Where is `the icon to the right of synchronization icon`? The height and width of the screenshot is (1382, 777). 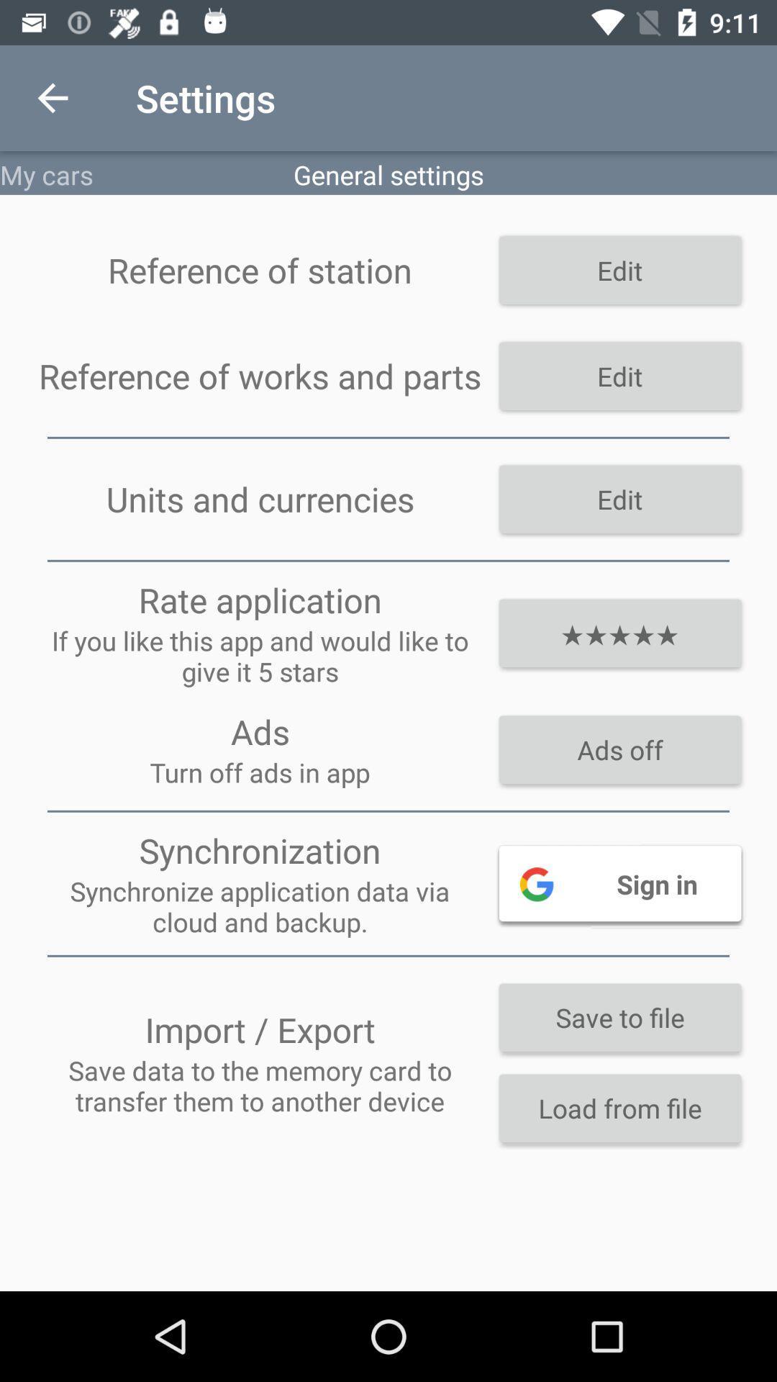 the icon to the right of synchronization icon is located at coordinates (619, 882).